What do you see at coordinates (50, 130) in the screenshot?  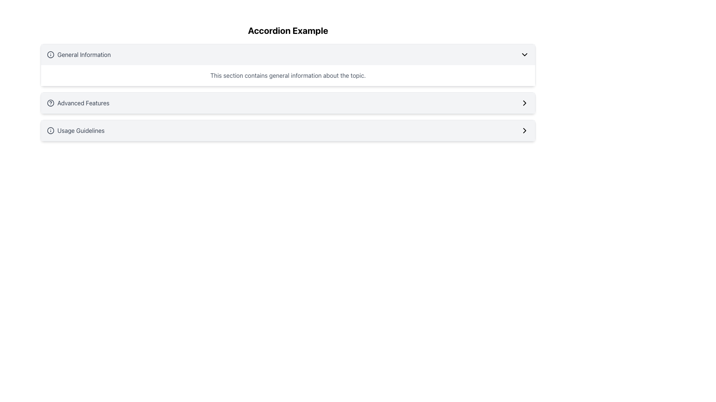 I see `the SVG Circle that represents the info icon at the beginning of the 'Usage Guidelines' section title` at bounding box center [50, 130].